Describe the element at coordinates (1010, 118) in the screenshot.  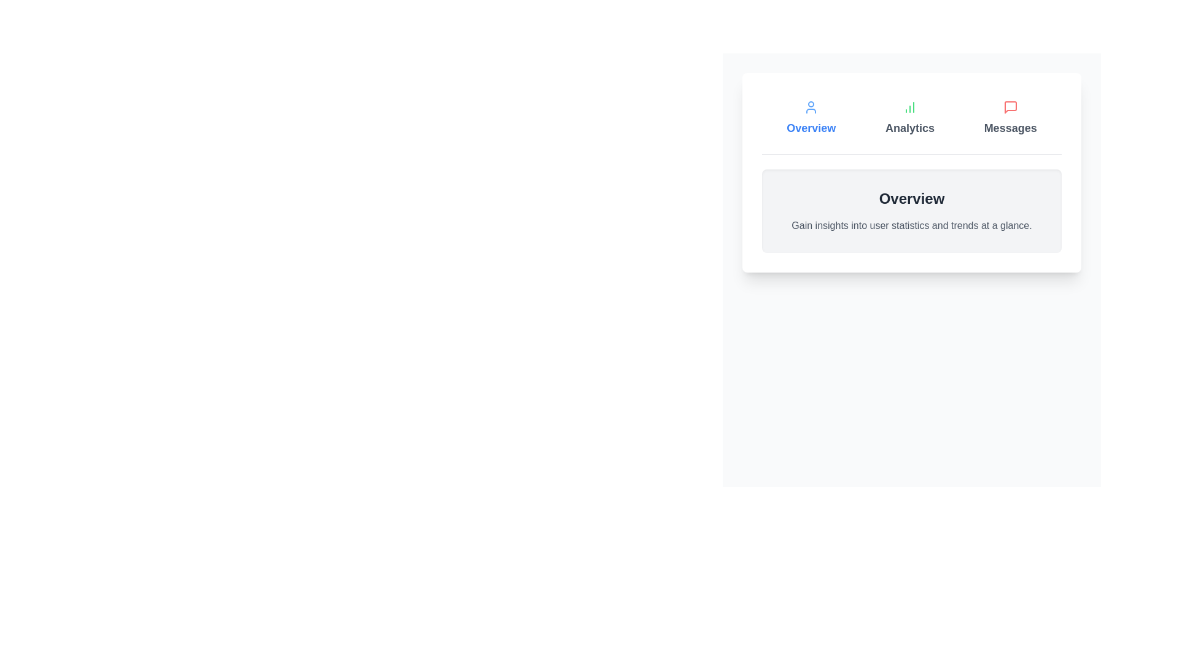
I see `the Messages tab to see its hover effect` at that location.